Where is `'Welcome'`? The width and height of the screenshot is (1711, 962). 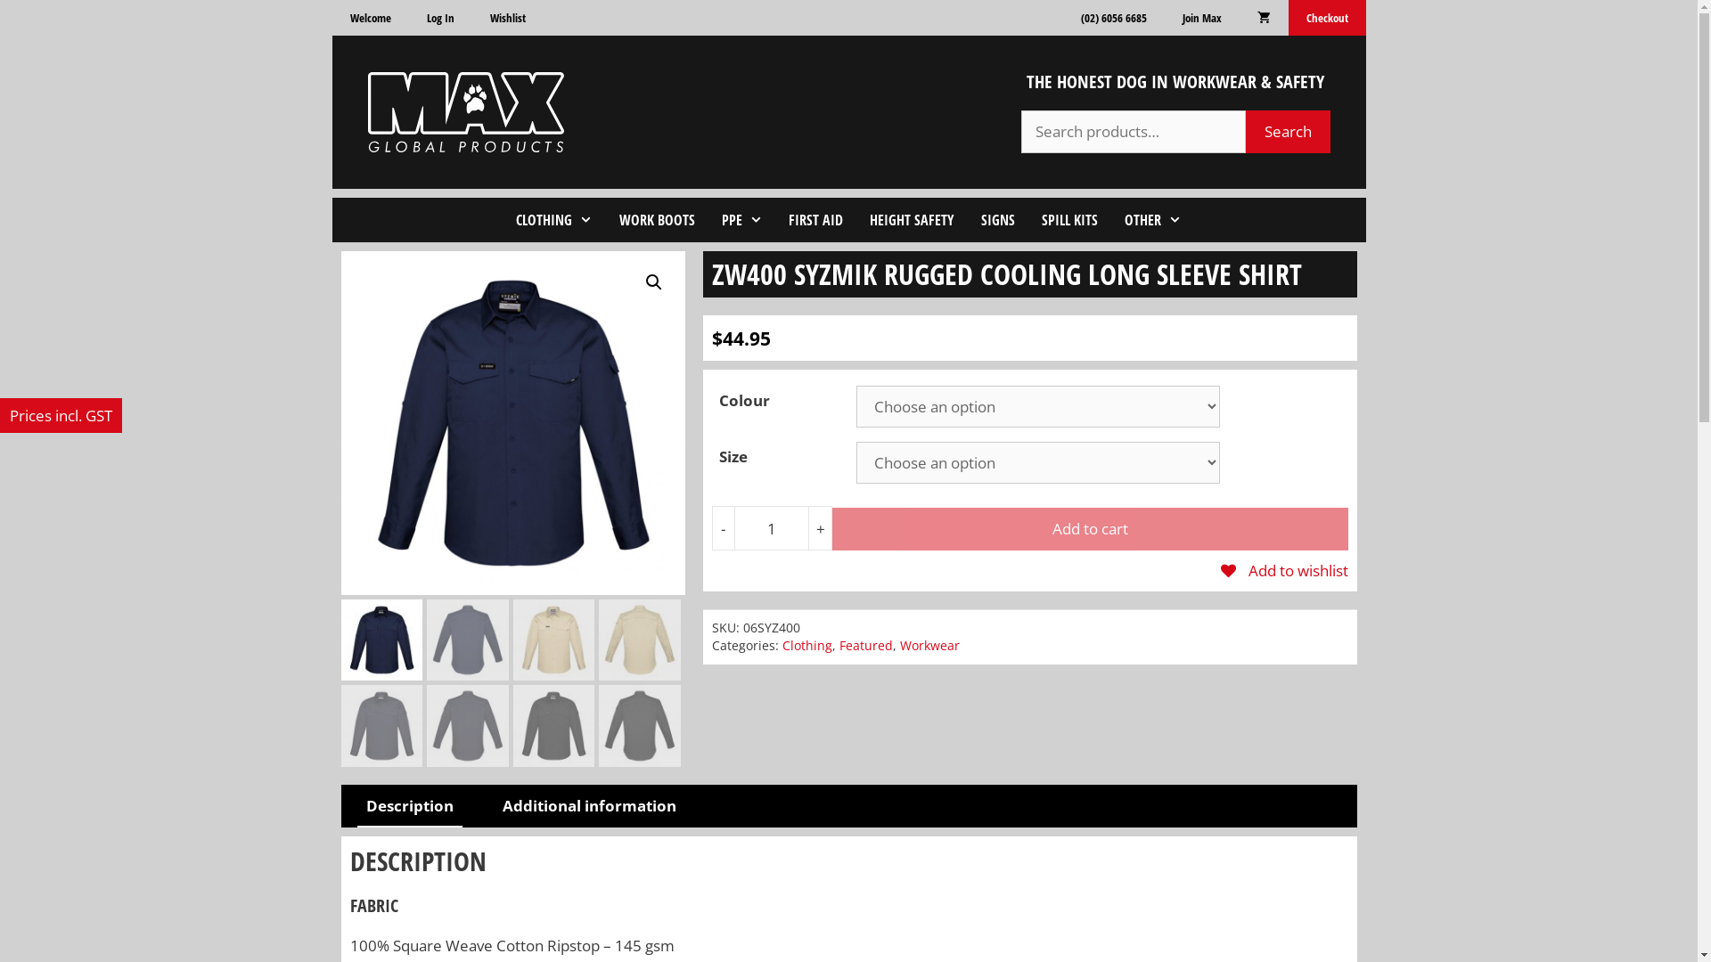 'Welcome' is located at coordinates (368, 17).